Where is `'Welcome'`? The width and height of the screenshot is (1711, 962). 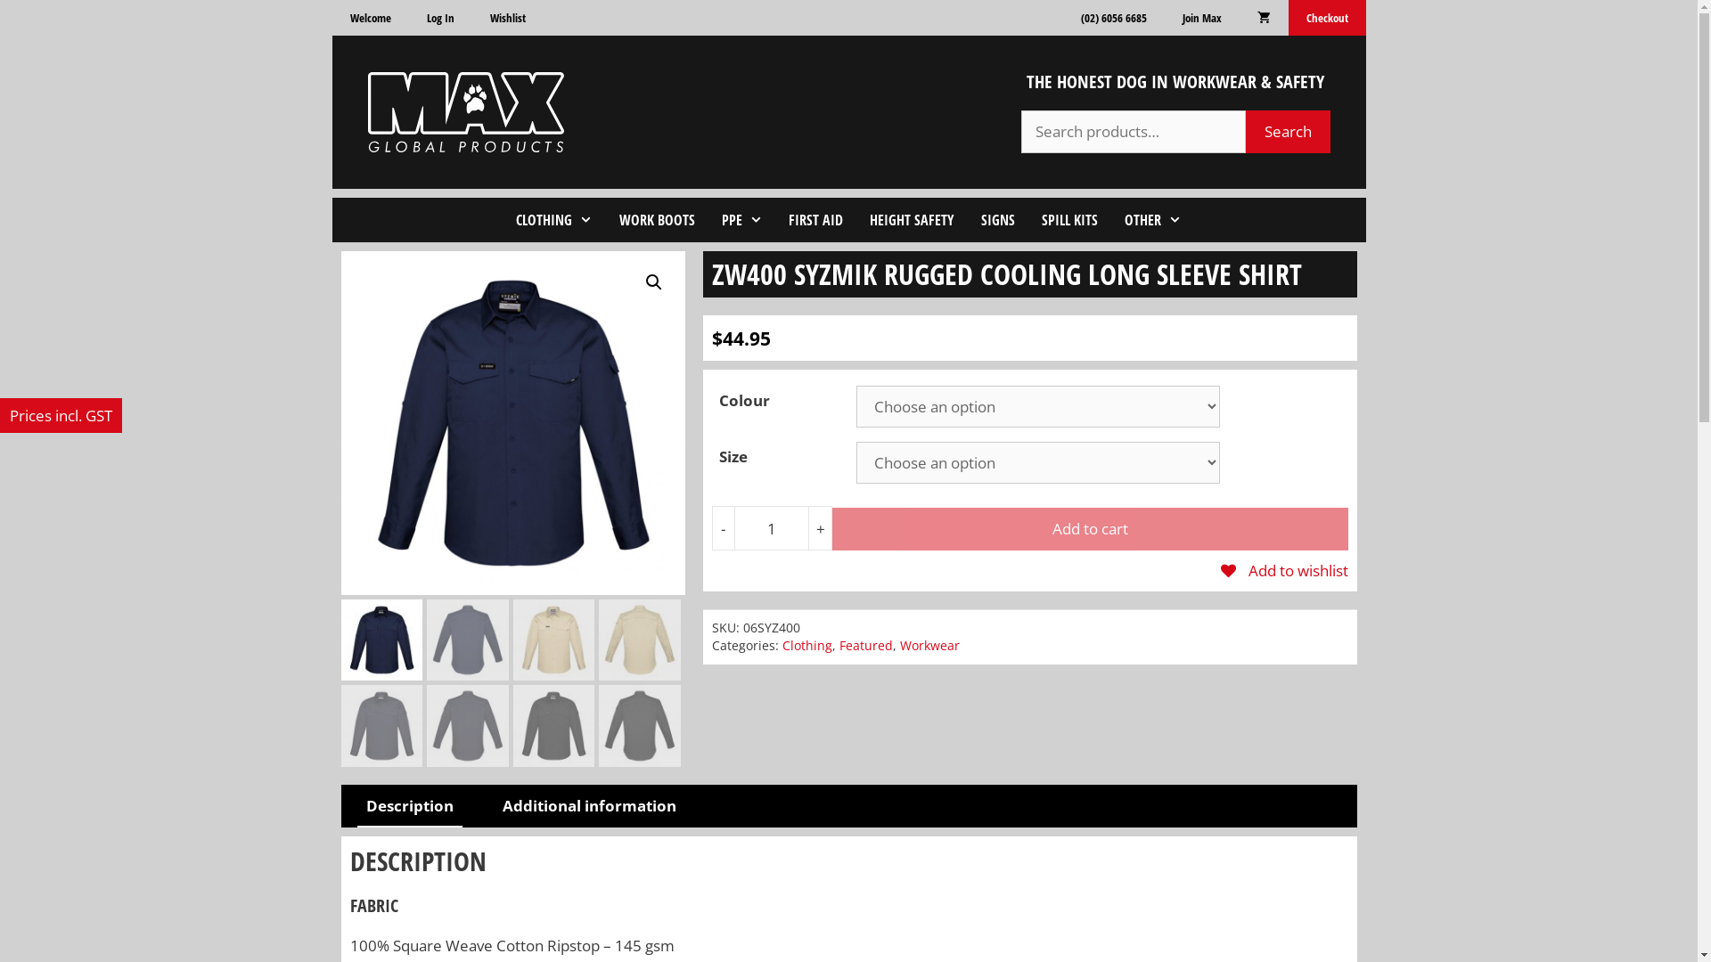 'Welcome' is located at coordinates (368, 17).